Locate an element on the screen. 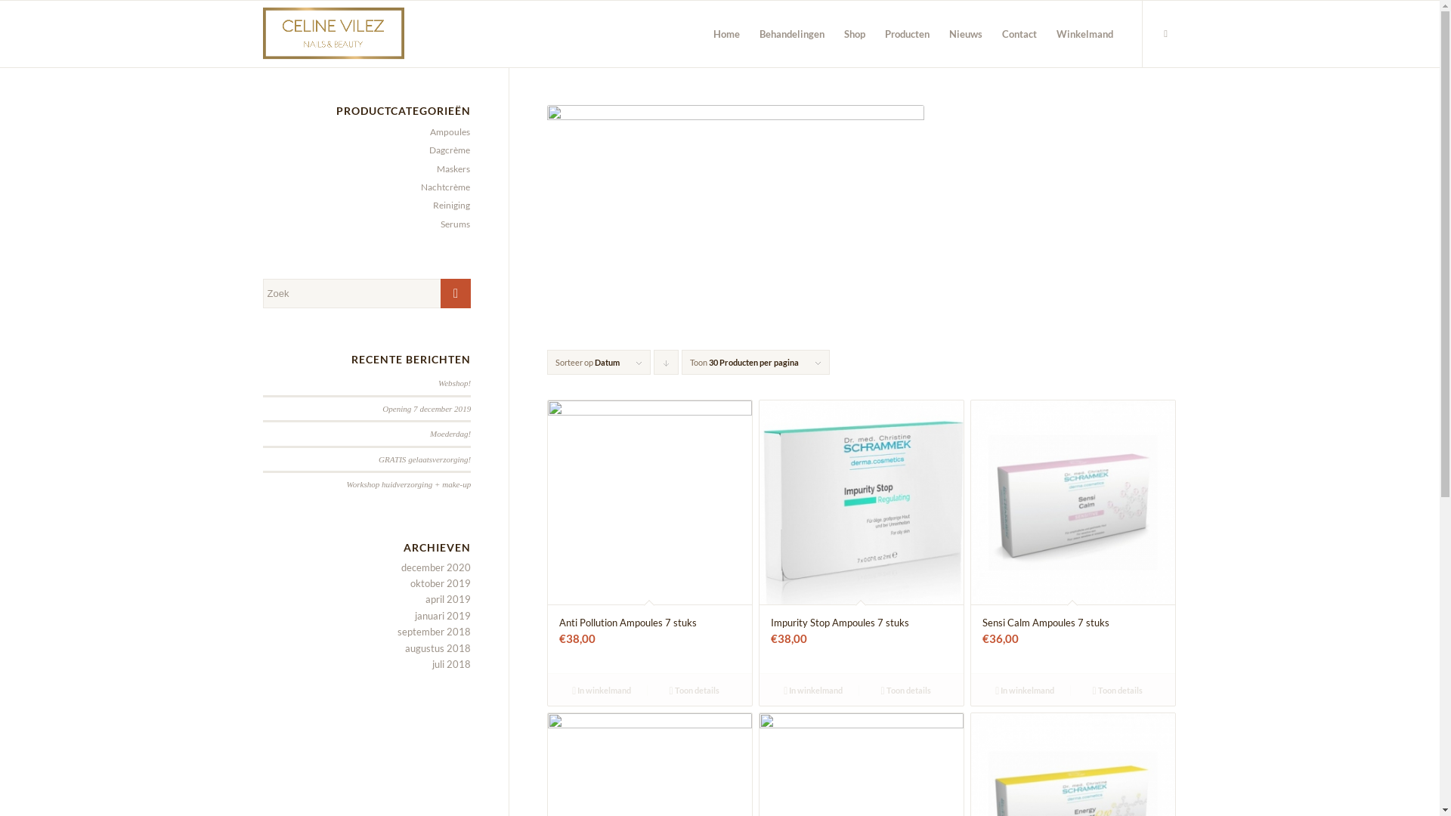 This screenshot has height=816, width=1451. 'Producten aflopend sorteren' is located at coordinates (665, 362).